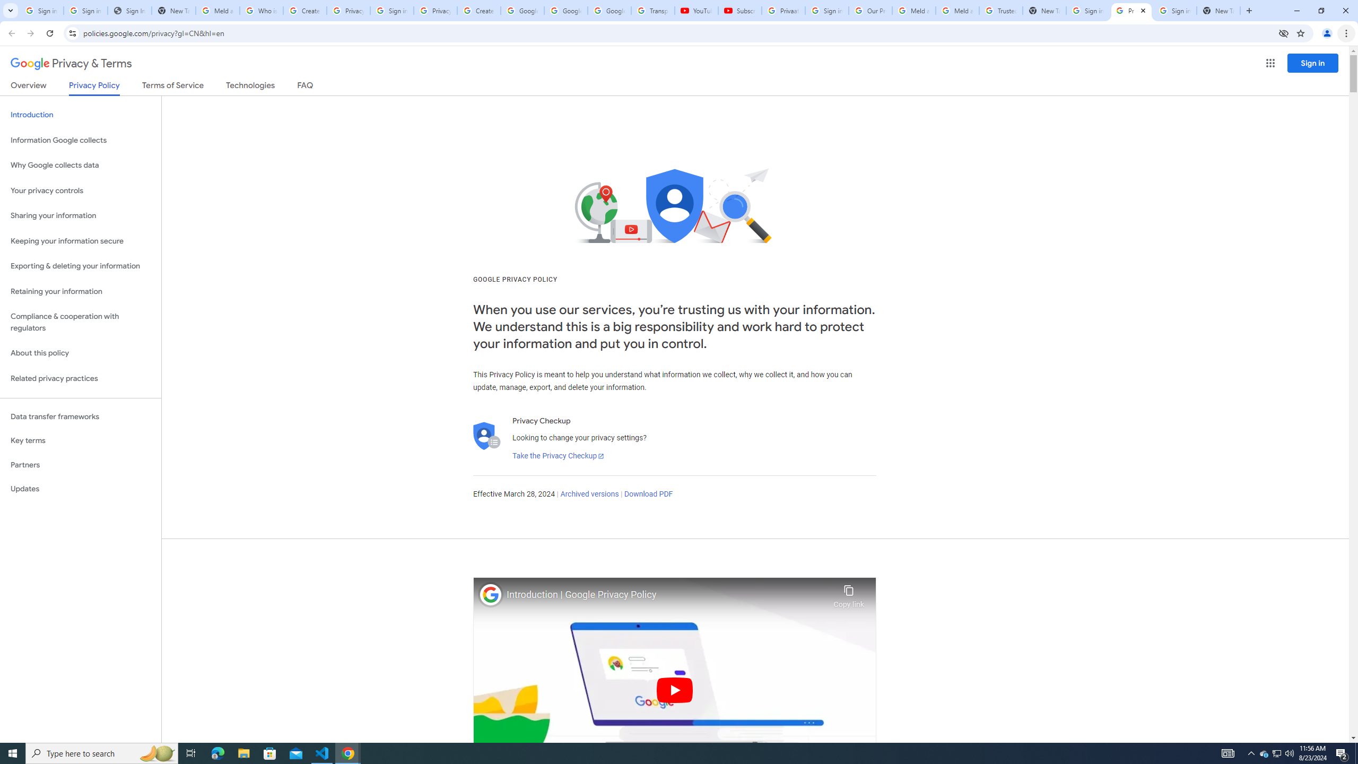  I want to click on 'Exporting & deleting your information', so click(80, 266).